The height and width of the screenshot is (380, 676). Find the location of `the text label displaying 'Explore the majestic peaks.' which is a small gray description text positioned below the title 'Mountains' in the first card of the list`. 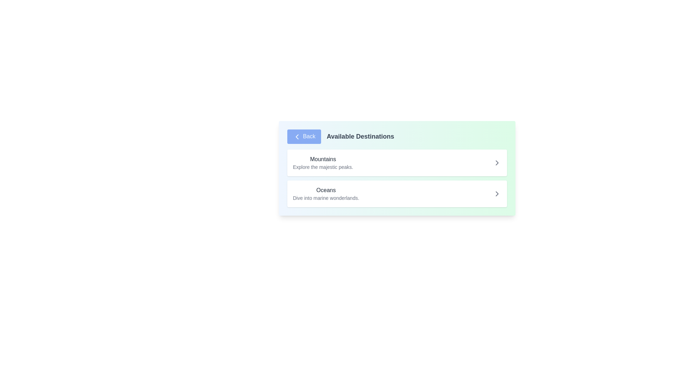

the text label displaying 'Explore the majestic peaks.' which is a small gray description text positioned below the title 'Mountains' in the first card of the list is located at coordinates (323, 167).